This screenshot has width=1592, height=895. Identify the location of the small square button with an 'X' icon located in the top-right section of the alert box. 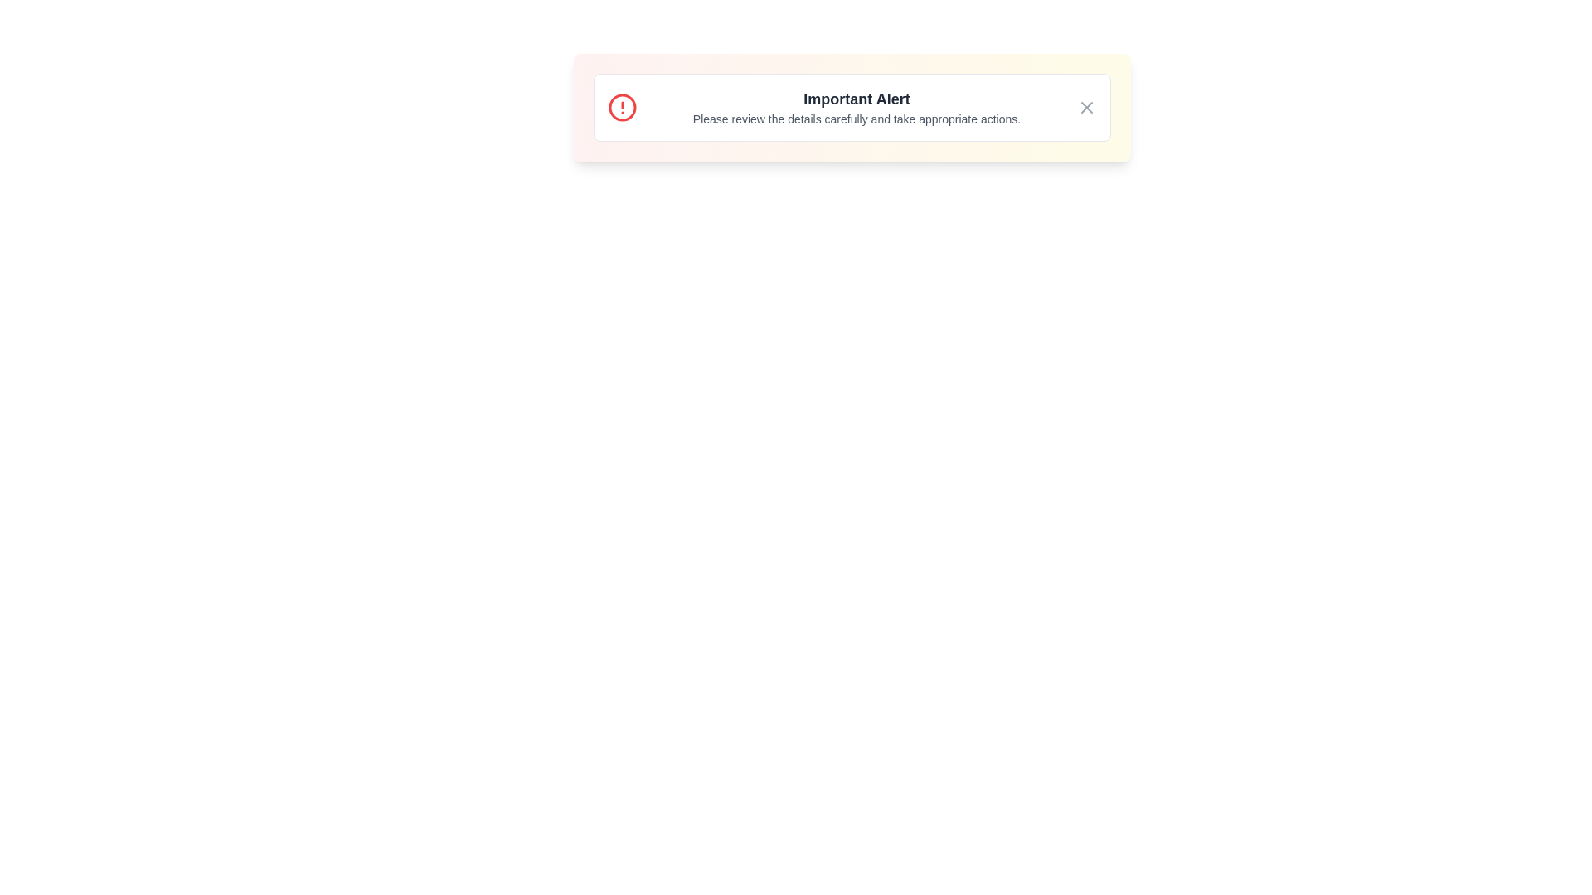
(1086, 108).